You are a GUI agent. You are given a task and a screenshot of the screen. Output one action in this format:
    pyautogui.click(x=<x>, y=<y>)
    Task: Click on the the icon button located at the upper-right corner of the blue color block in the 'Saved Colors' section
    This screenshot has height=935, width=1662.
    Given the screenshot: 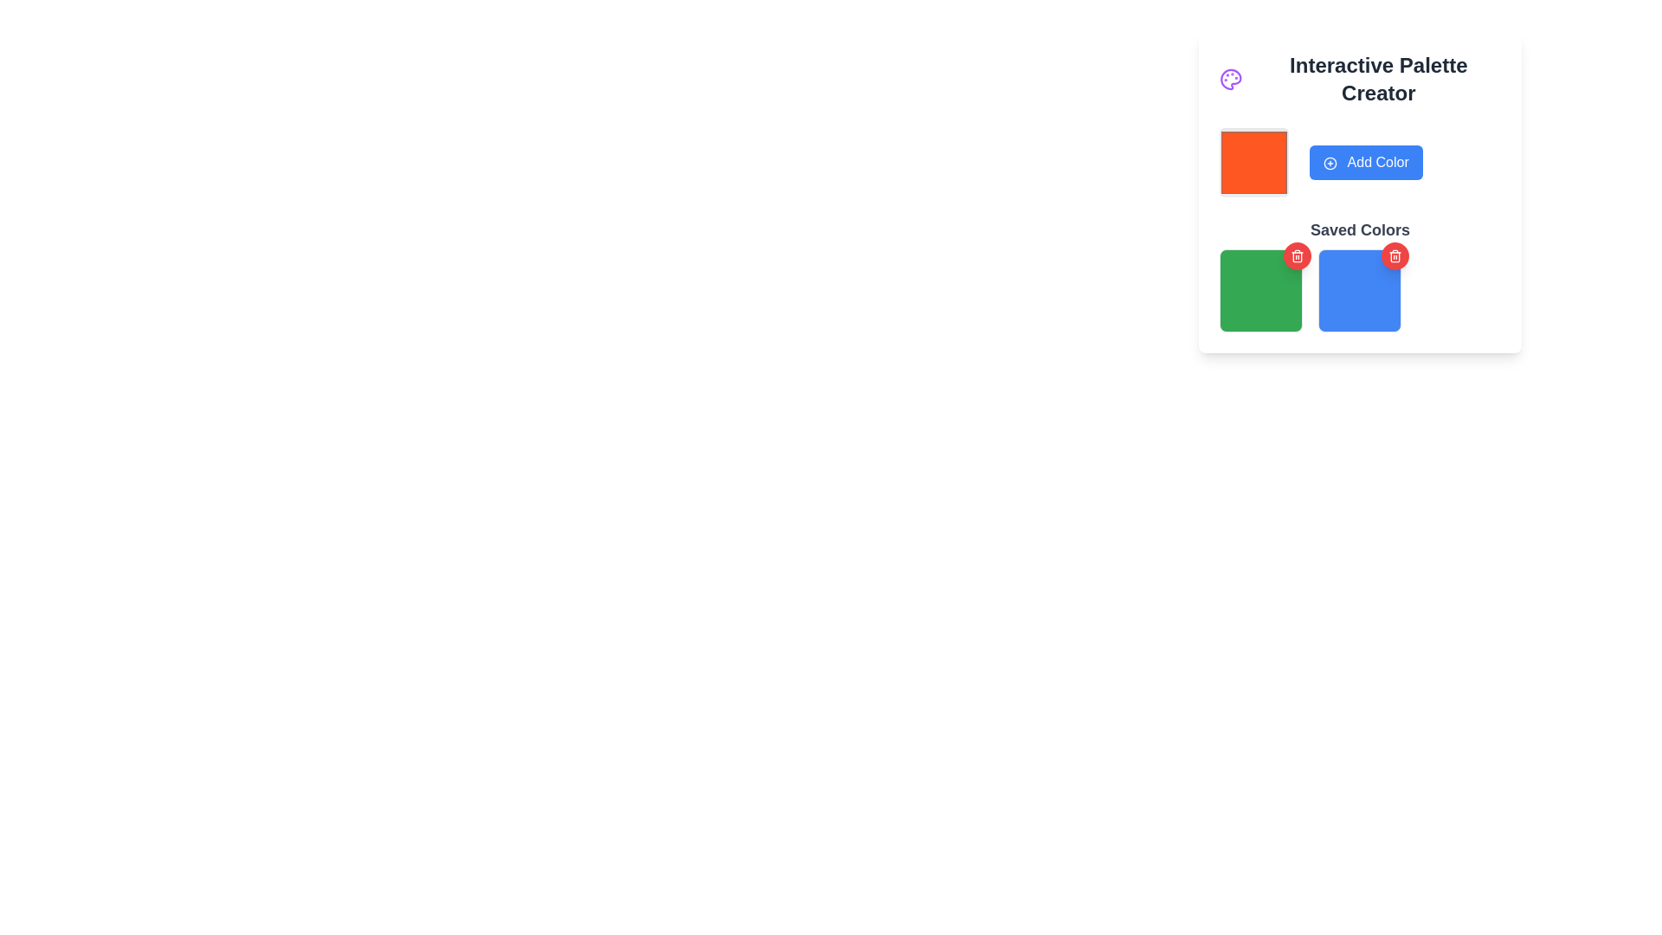 What is the action you would take?
    pyautogui.click(x=1297, y=256)
    